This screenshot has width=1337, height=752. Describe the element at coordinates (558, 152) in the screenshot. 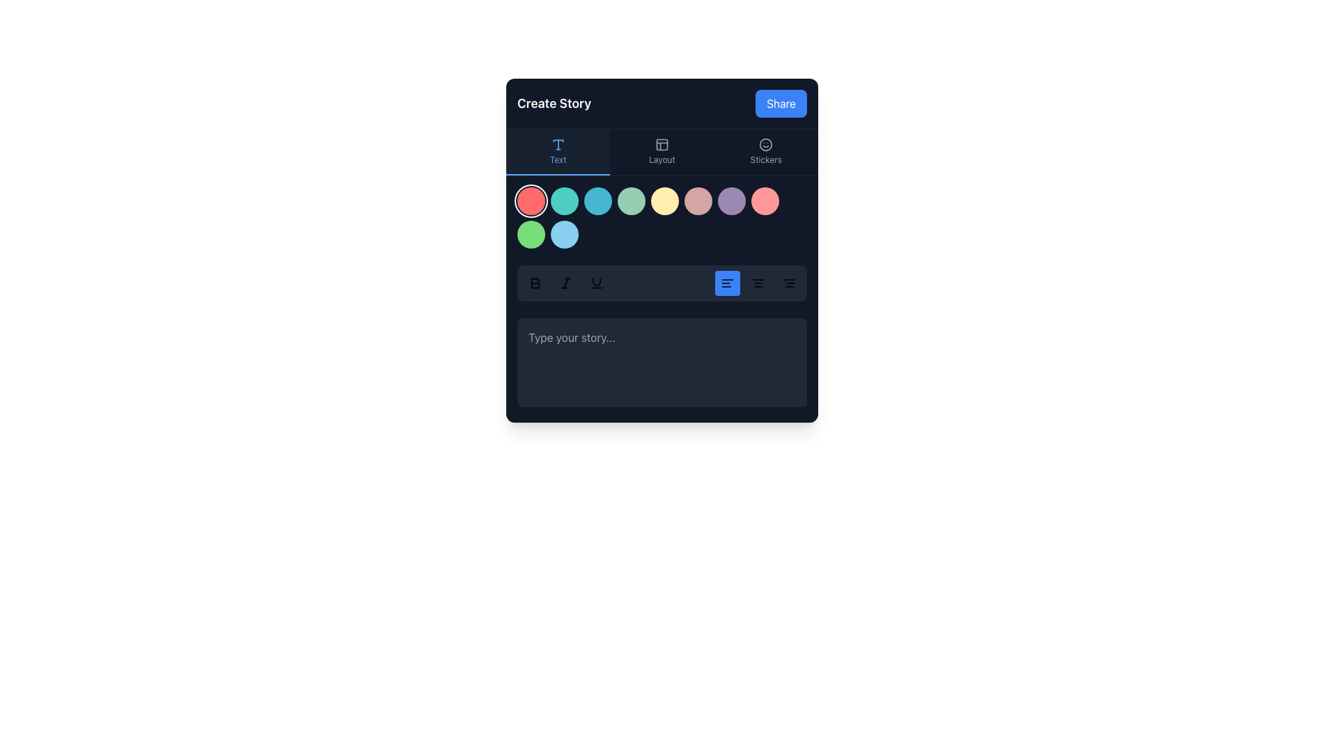

I see `the 'Text' button located in the top-left section of the menu bar` at that location.